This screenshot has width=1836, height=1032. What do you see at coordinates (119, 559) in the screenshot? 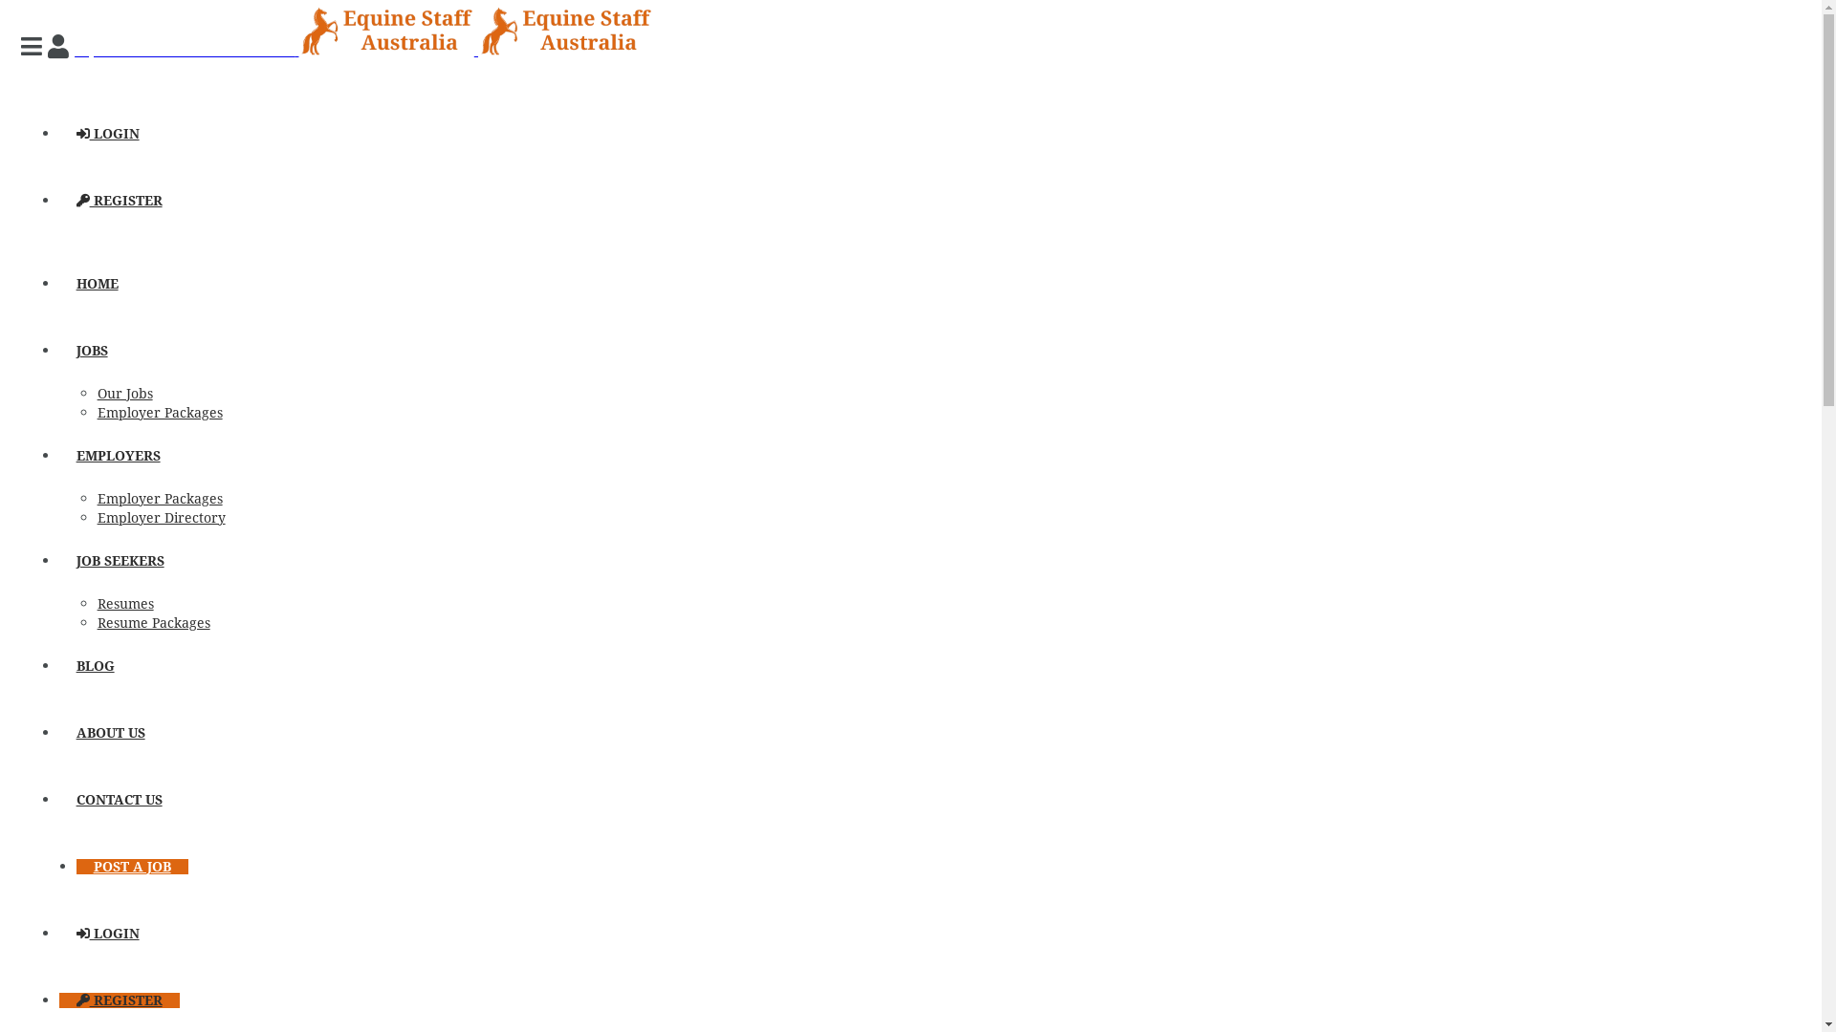
I see `'JOB SEEKERS'` at bounding box center [119, 559].